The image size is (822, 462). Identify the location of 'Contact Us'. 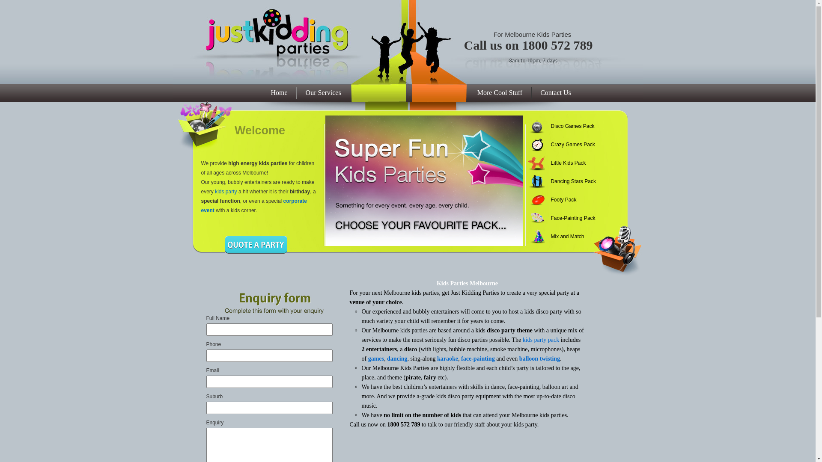
(531, 92).